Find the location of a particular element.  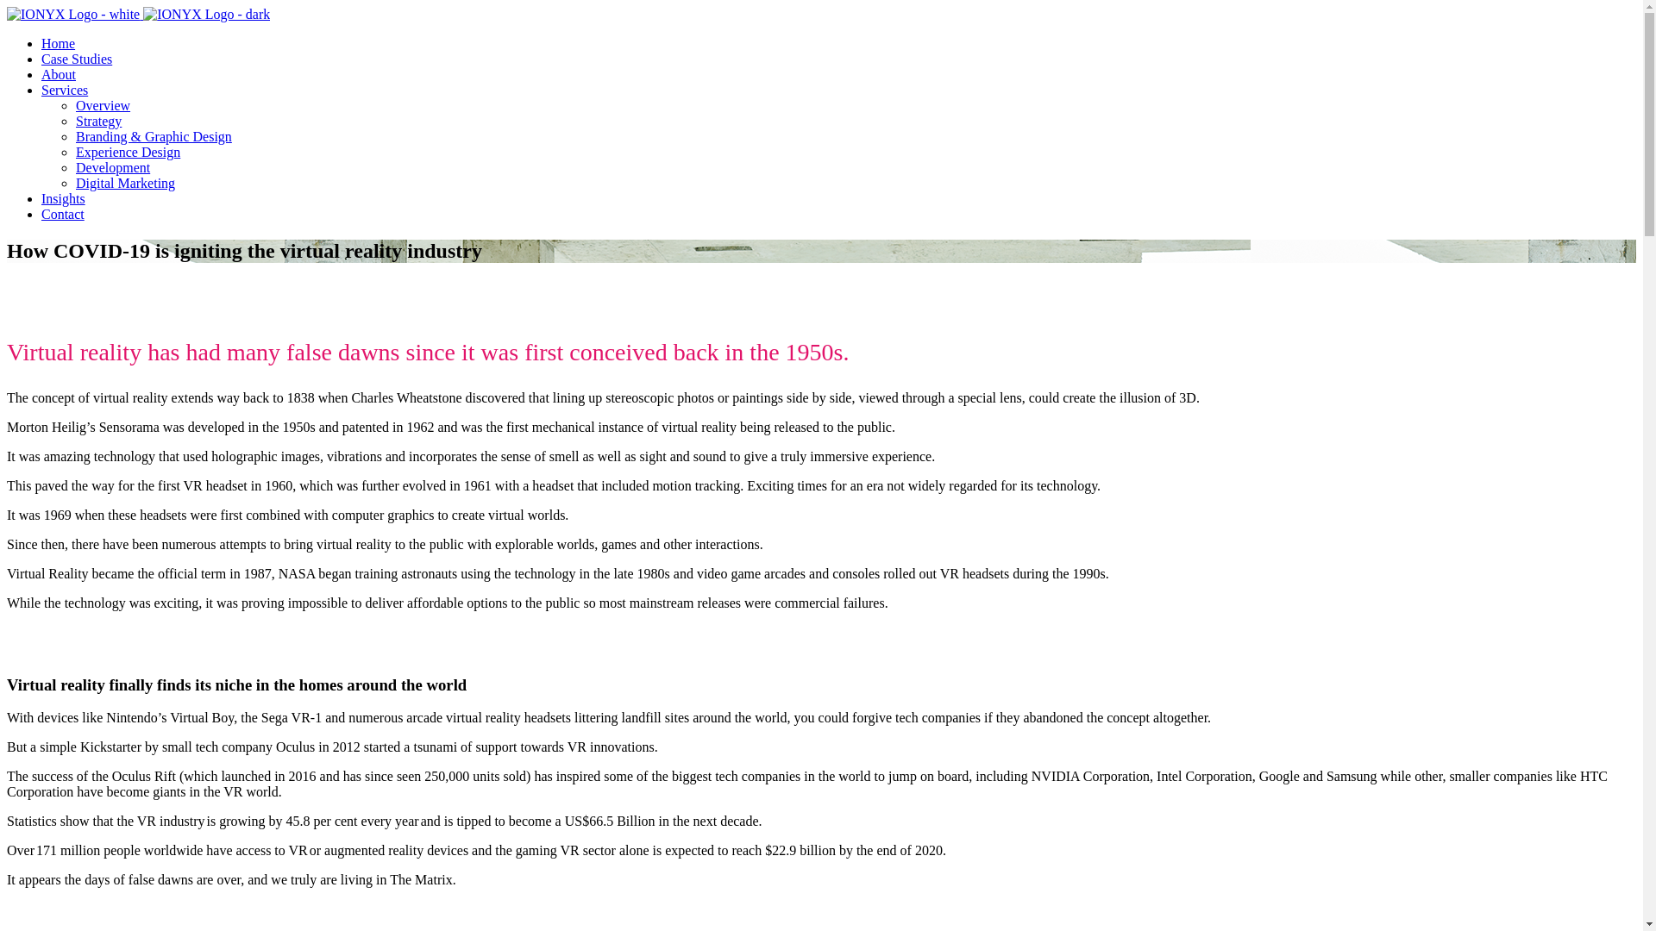

'Digital Marketing' is located at coordinates (124, 183).